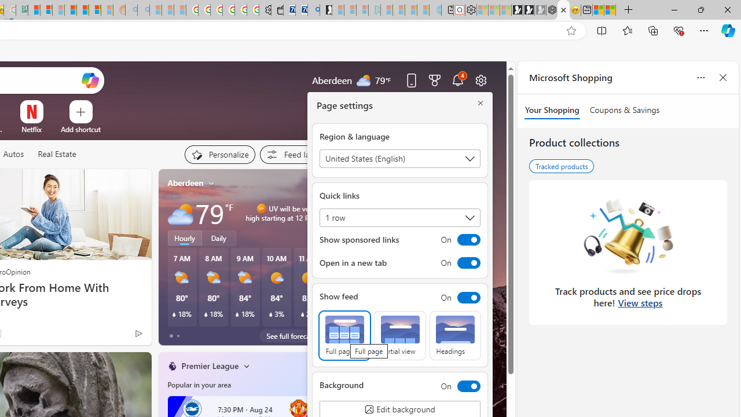  Describe the element at coordinates (457, 79) in the screenshot. I see `'Notifications'` at that location.